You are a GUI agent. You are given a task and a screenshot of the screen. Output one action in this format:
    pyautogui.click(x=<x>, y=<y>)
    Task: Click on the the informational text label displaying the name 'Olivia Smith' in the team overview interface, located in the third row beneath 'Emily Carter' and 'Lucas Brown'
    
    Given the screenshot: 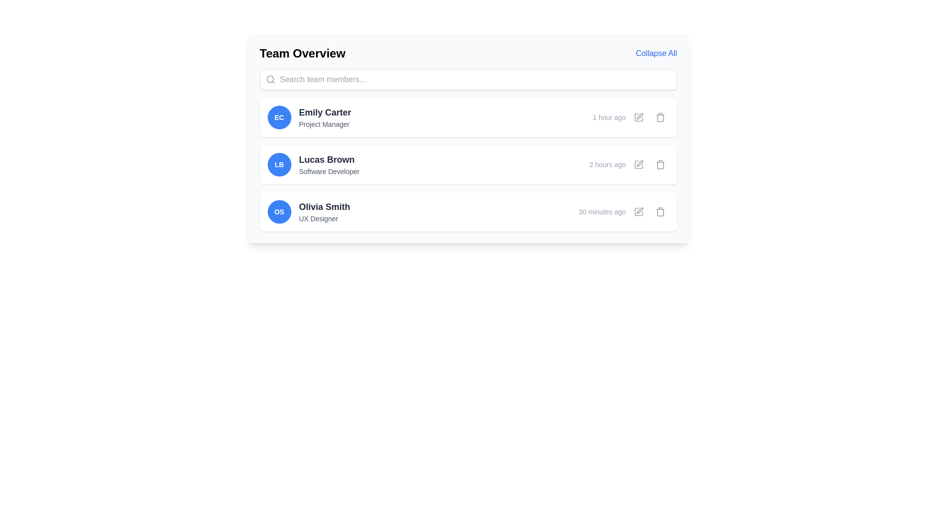 What is the action you would take?
    pyautogui.click(x=324, y=211)
    